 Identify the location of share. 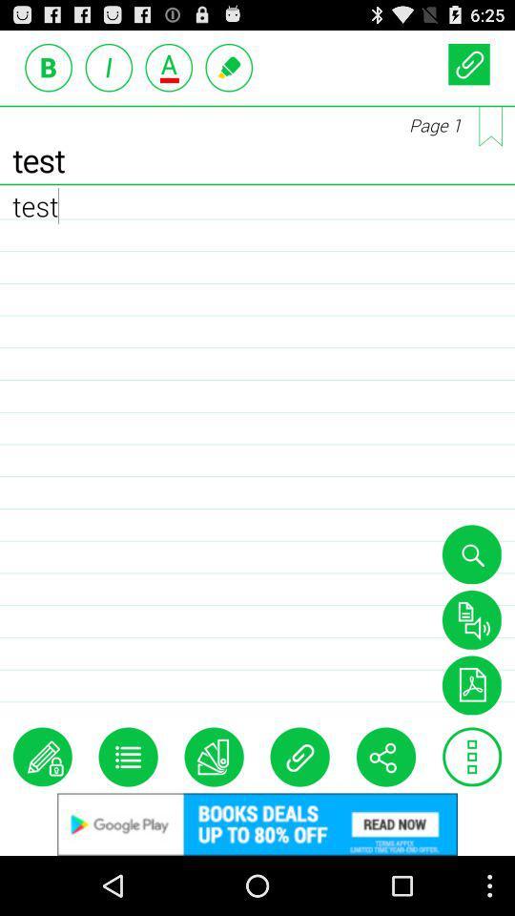
(385, 757).